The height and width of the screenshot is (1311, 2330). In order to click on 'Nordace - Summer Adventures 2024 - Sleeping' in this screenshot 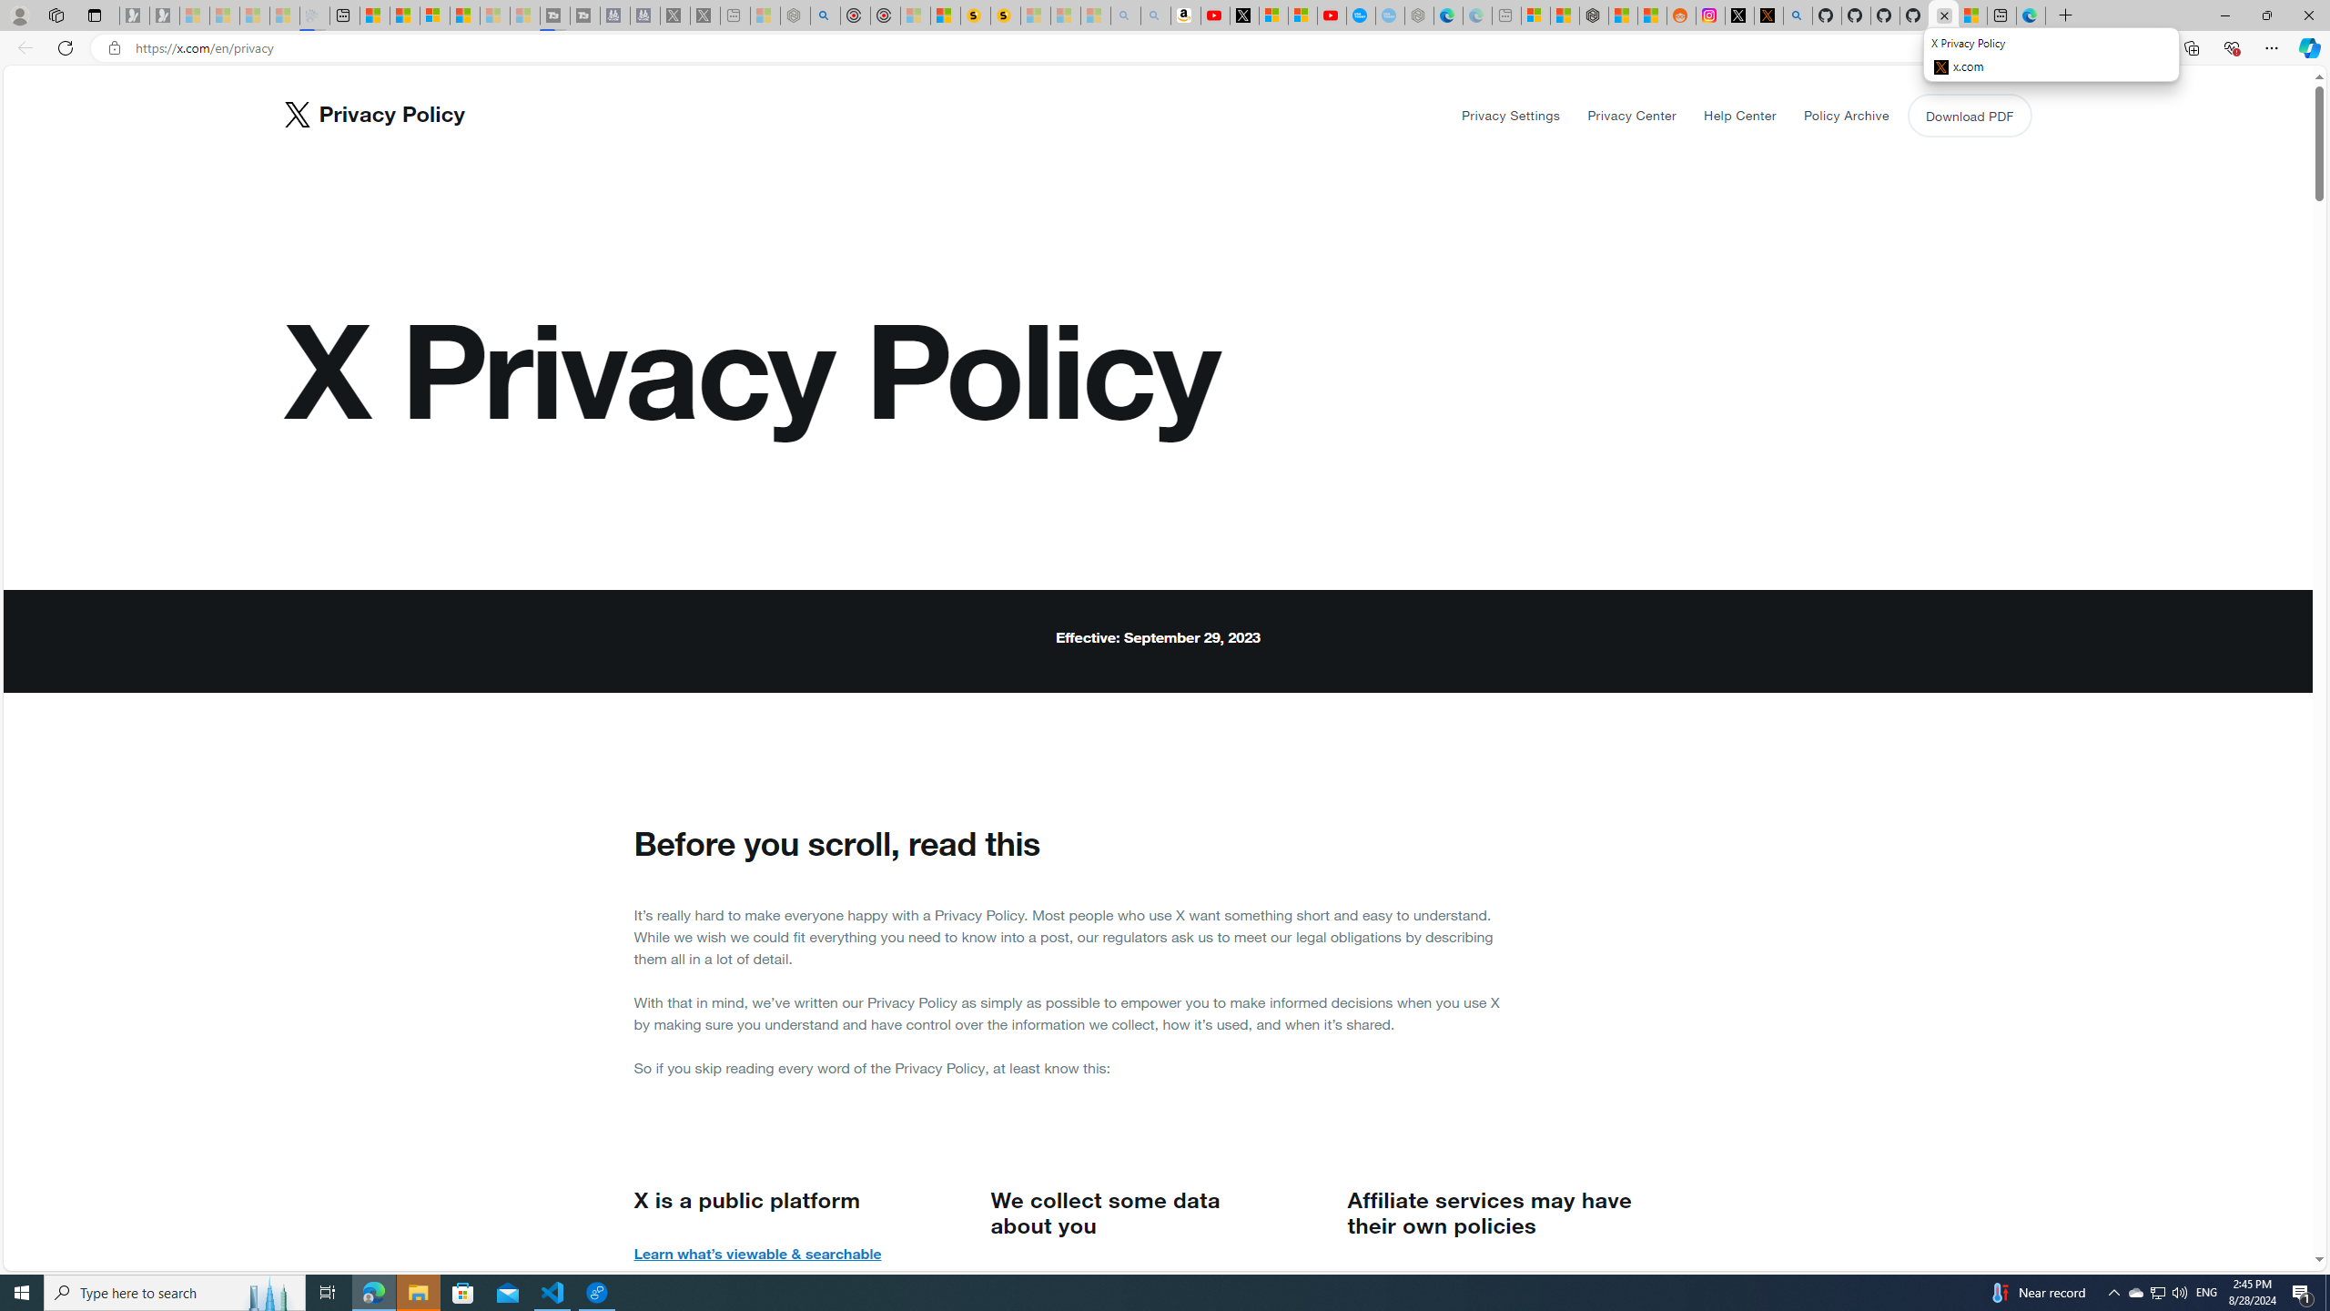, I will do `click(795, 15)`.